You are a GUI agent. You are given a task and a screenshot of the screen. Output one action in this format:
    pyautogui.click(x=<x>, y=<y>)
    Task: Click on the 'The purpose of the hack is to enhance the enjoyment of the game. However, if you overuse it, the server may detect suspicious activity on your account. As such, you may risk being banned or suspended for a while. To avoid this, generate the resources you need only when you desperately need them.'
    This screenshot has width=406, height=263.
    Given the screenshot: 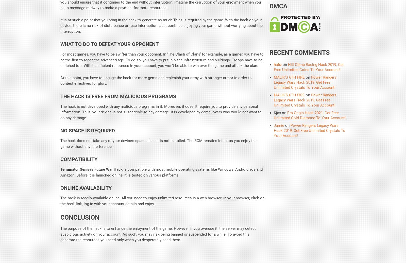 What is the action you would take?
    pyautogui.click(x=60, y=234)
    